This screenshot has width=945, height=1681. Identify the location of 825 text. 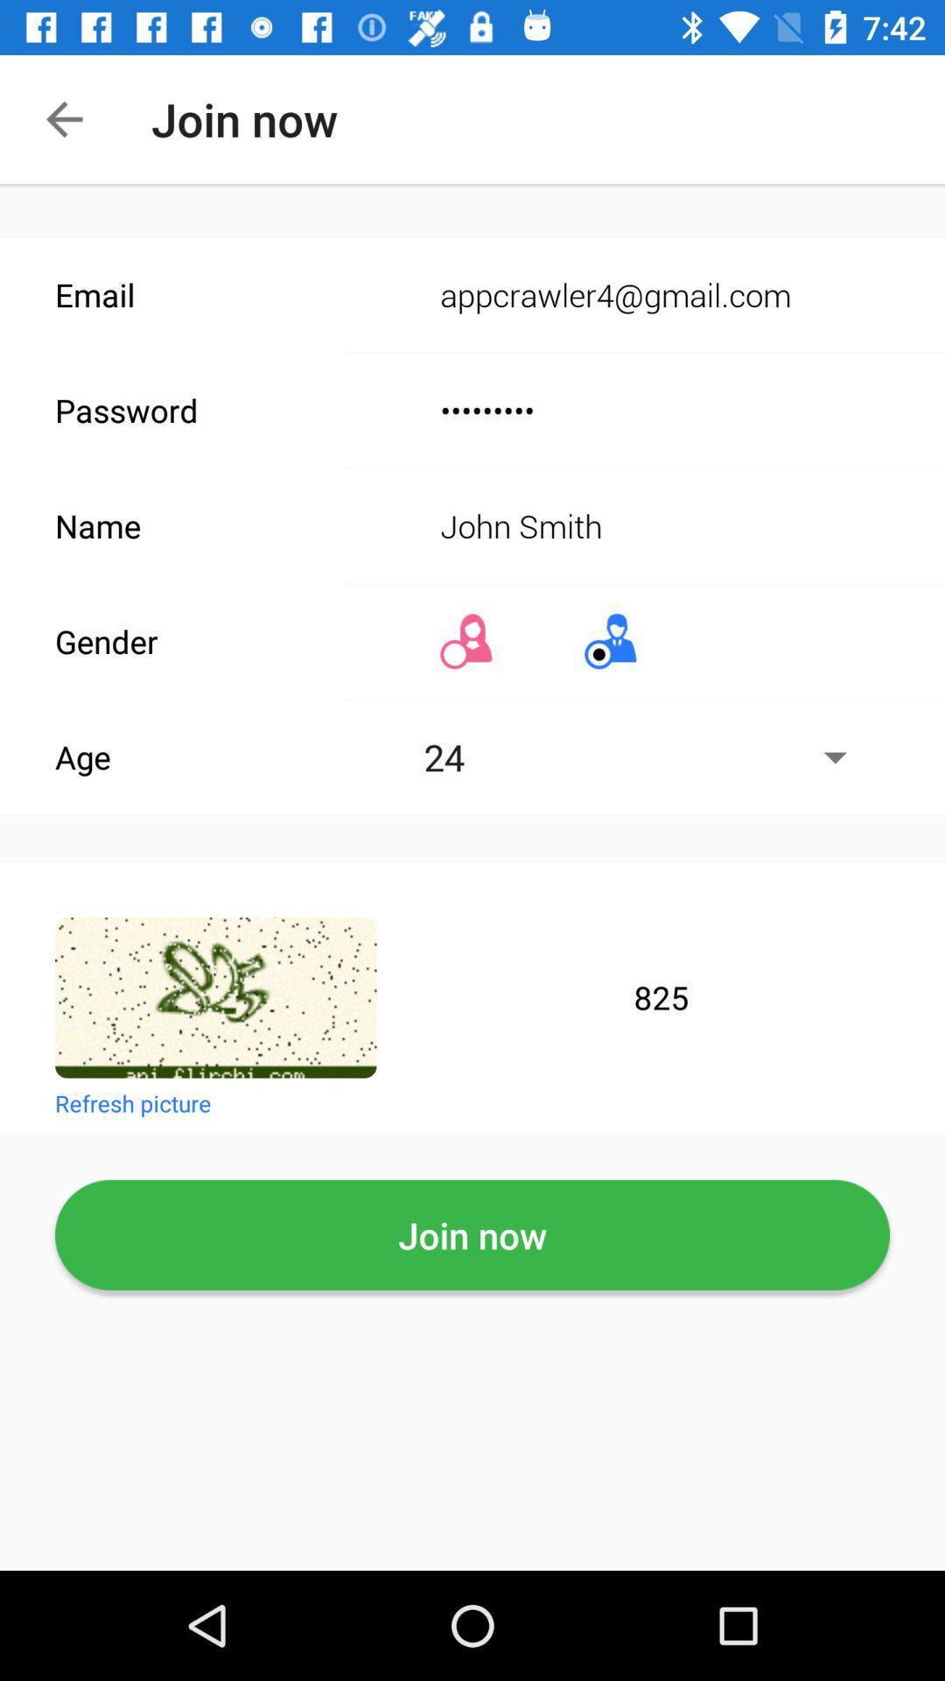
(661, 997).